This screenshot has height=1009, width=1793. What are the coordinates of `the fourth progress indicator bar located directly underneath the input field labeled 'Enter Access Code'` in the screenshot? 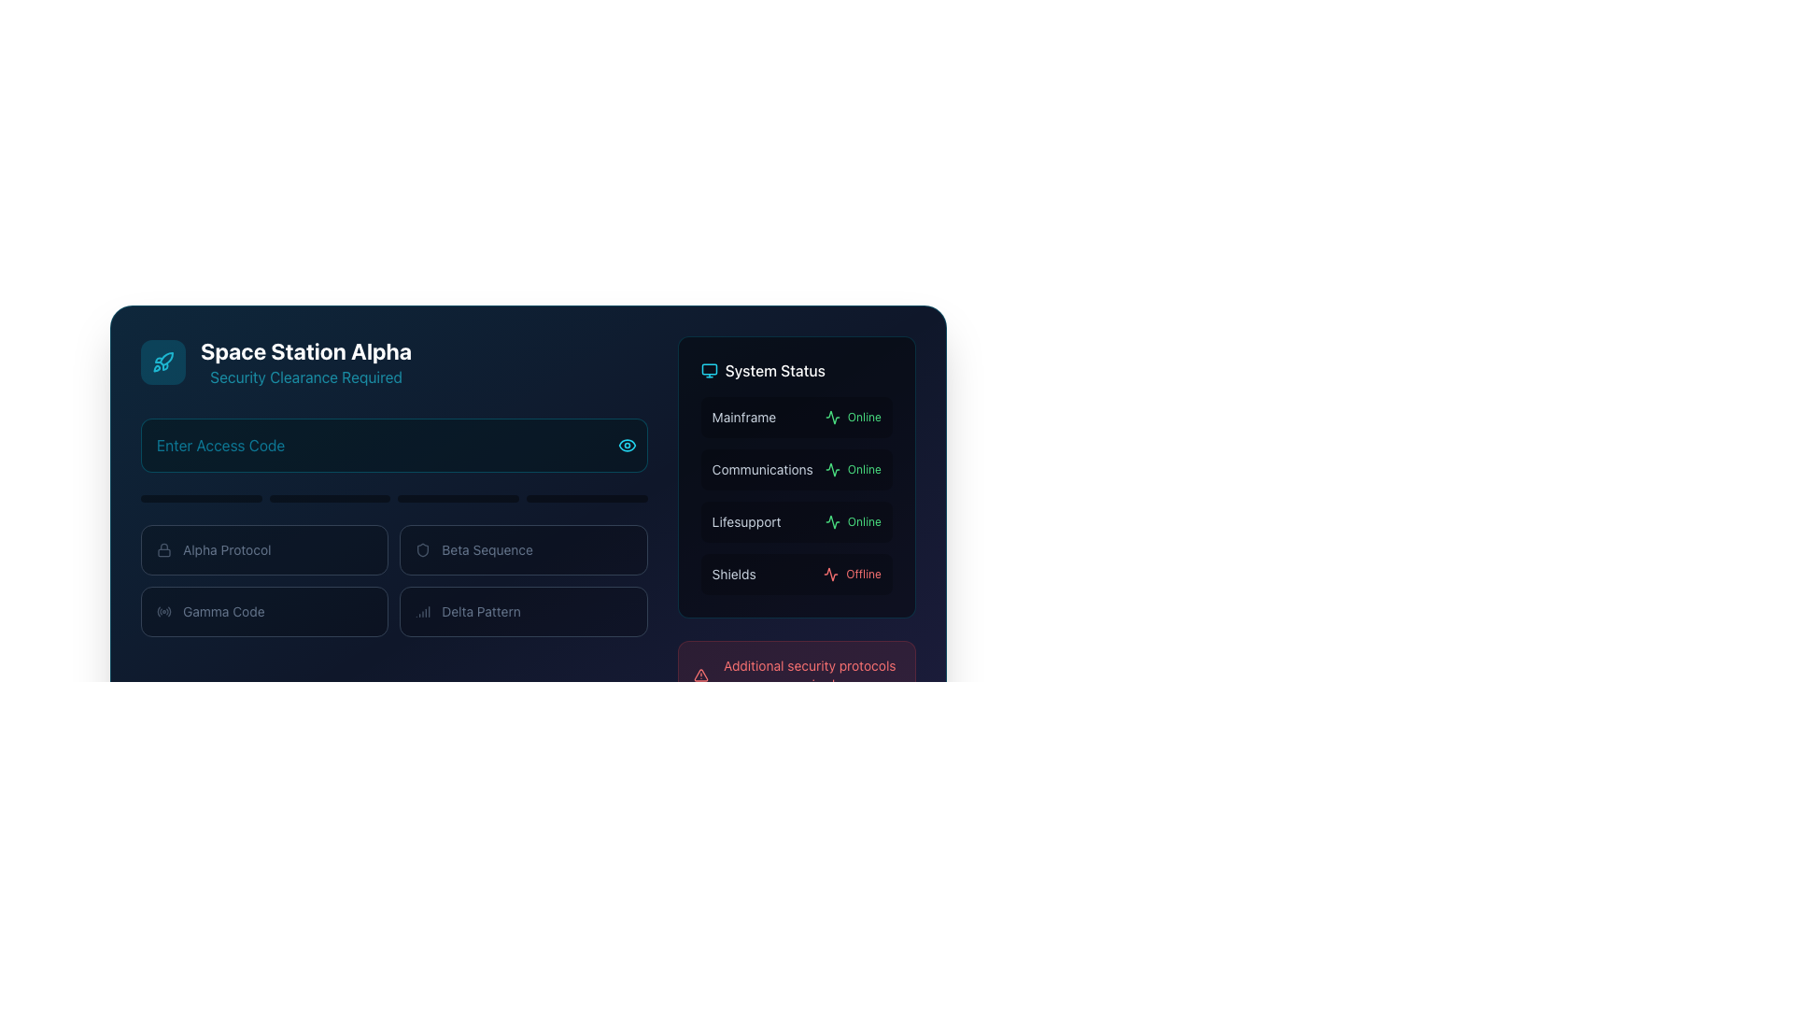 It's located at (586, 497).